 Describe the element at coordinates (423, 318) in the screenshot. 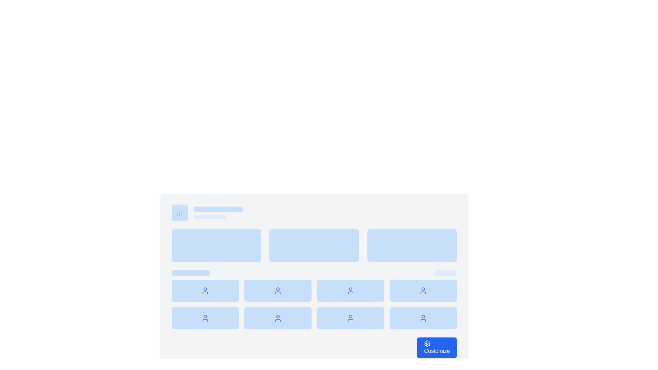

I see `the user's profile graphical icon with a blue outline located at the bottom-right of the grid layout` at that location.